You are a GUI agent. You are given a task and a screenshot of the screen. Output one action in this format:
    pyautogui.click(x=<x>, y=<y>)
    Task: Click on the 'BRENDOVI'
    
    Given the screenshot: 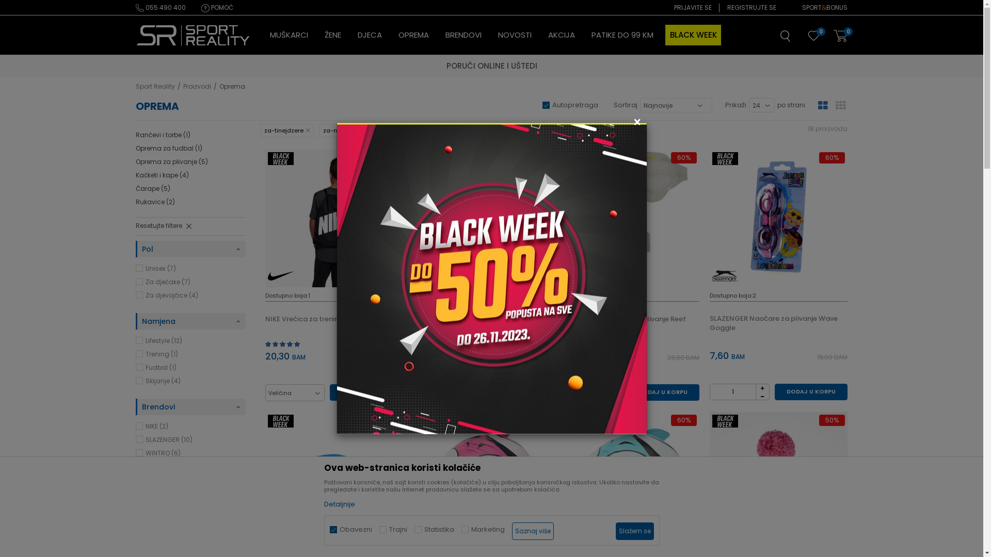 What is the action you would take?
    pyautogui.click(x=462, y=35)
    